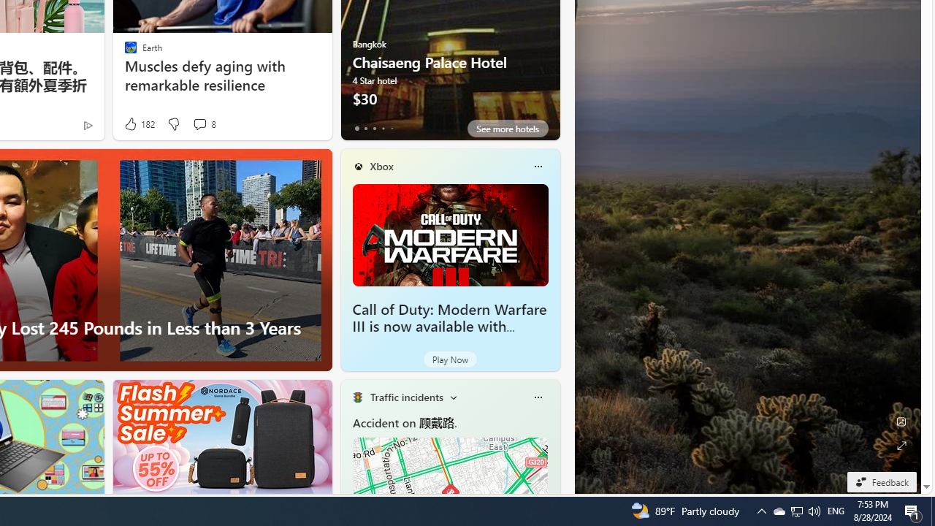 The height and width of the screenshot is (526, 935). I want to click on 'tab-4', so click(392, 128).